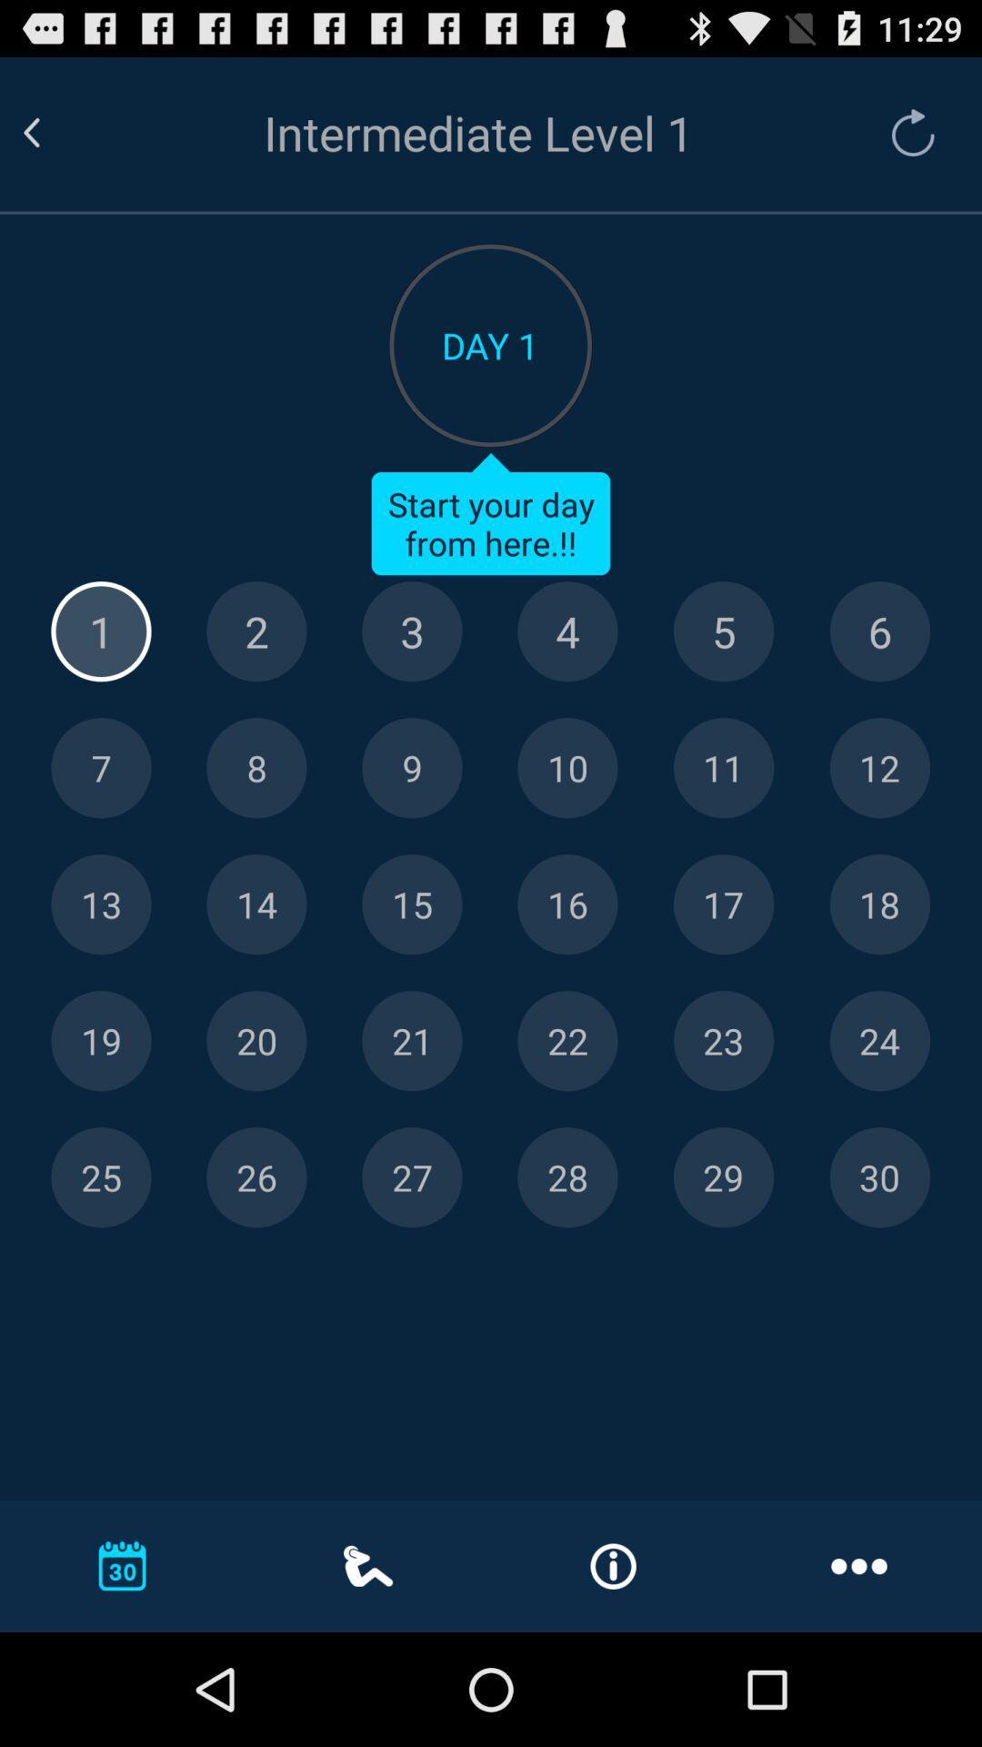 The height and width of the screenshot is (1747, 982). Describe the element at coordinates (123, 1565) in the screenshot. I see `the callender icon which is at the bottom left corner` at that location.